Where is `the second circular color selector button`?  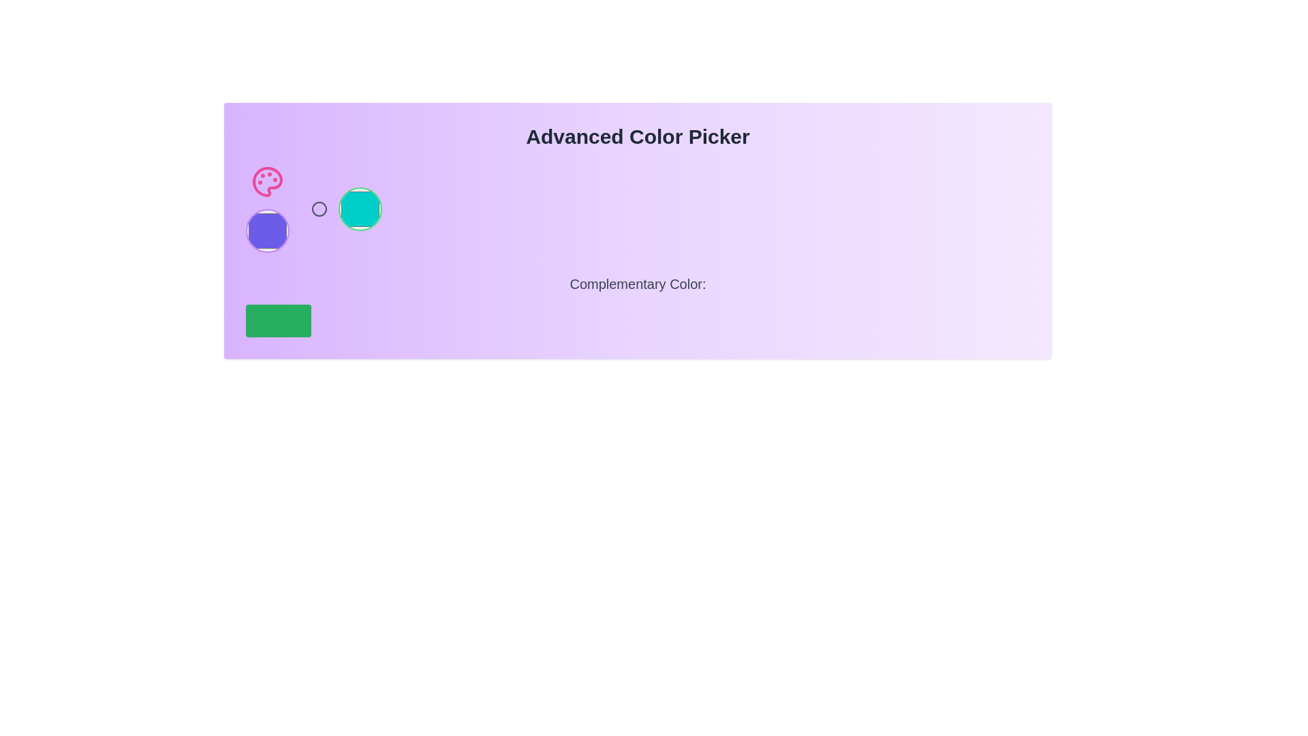
the second circular color selector button is located at coordinates (346, 209).